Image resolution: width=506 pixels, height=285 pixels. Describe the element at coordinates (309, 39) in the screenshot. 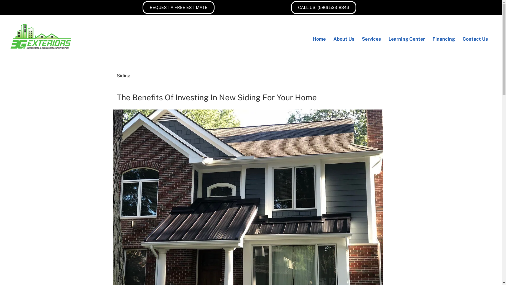

I see `'Home'` at that location.